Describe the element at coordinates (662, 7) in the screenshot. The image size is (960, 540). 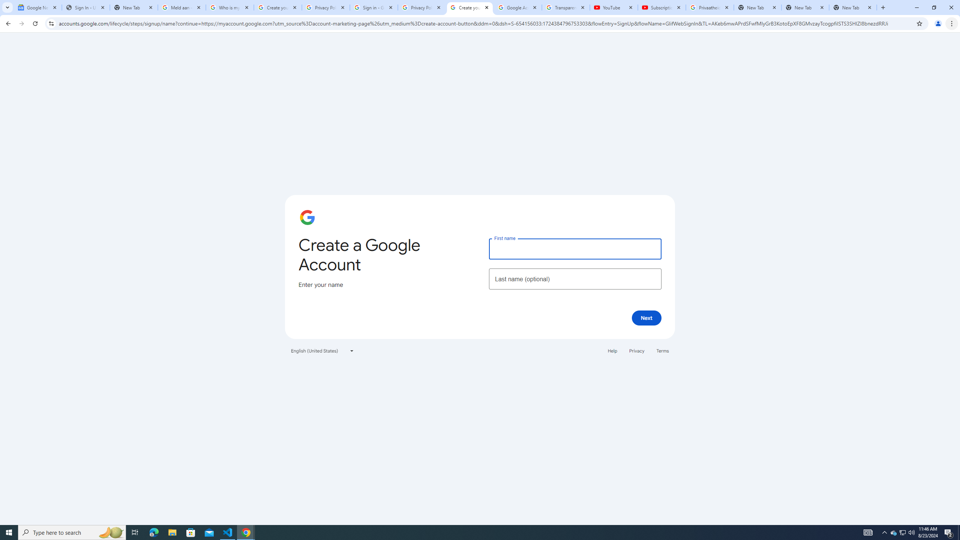
I see `'Subscriptions - YouTube'` at that location.